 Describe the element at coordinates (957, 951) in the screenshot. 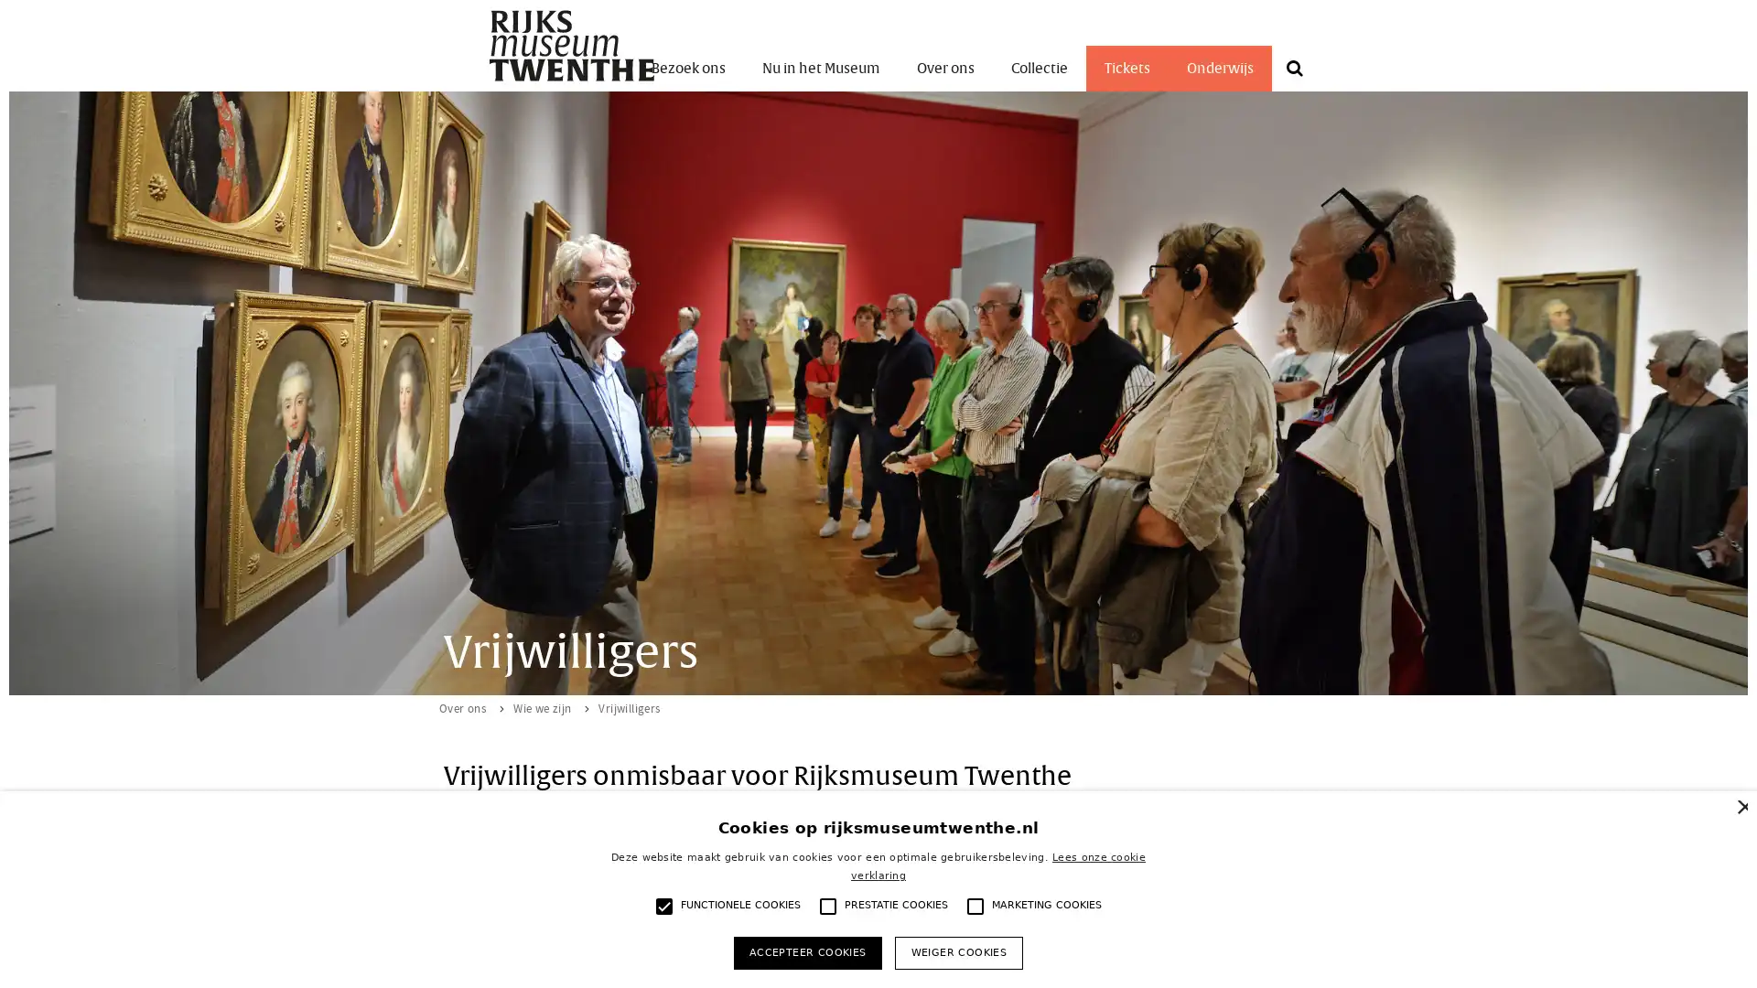

I see `WEIGER COOKIES` at that location.